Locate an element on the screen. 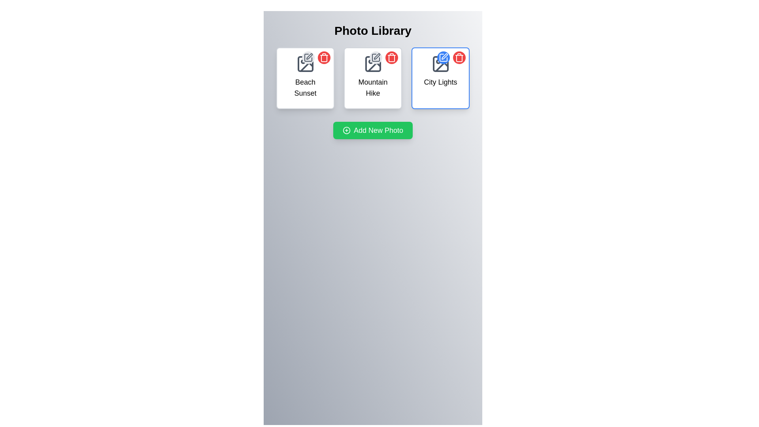 This screenshot has height=427, width=759. the delete button located to the right of the gray pen icon button in the top-right corner of the 'Beach Sunset' card is located at coordinates (324, 57).